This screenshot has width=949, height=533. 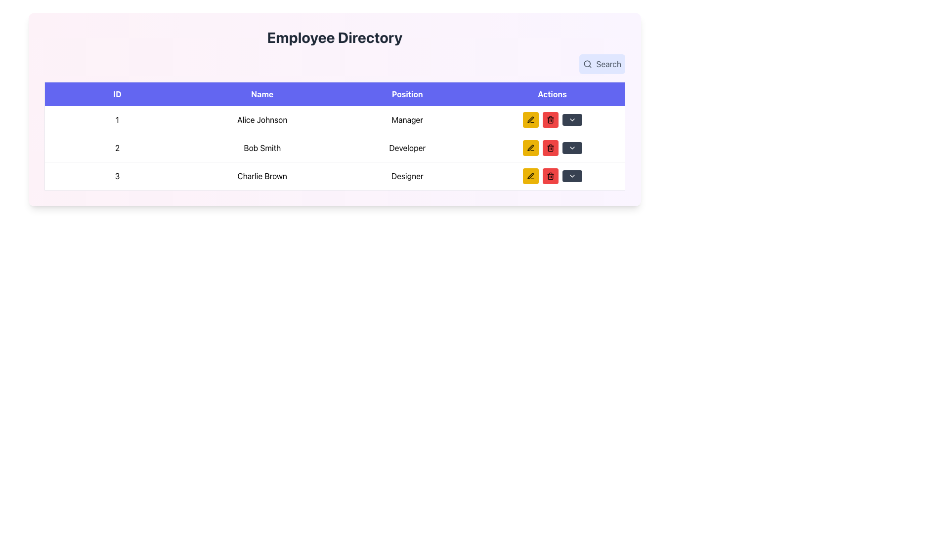 What do you see at coordinates (407, 119) in the screenshot?
I see `the text component displaying 'Manager' located in the first row of the table under the 'Position' column, positioned right of 'Alice Johnson' and left of the 'Actions' column` at bounding box center [407, 119].